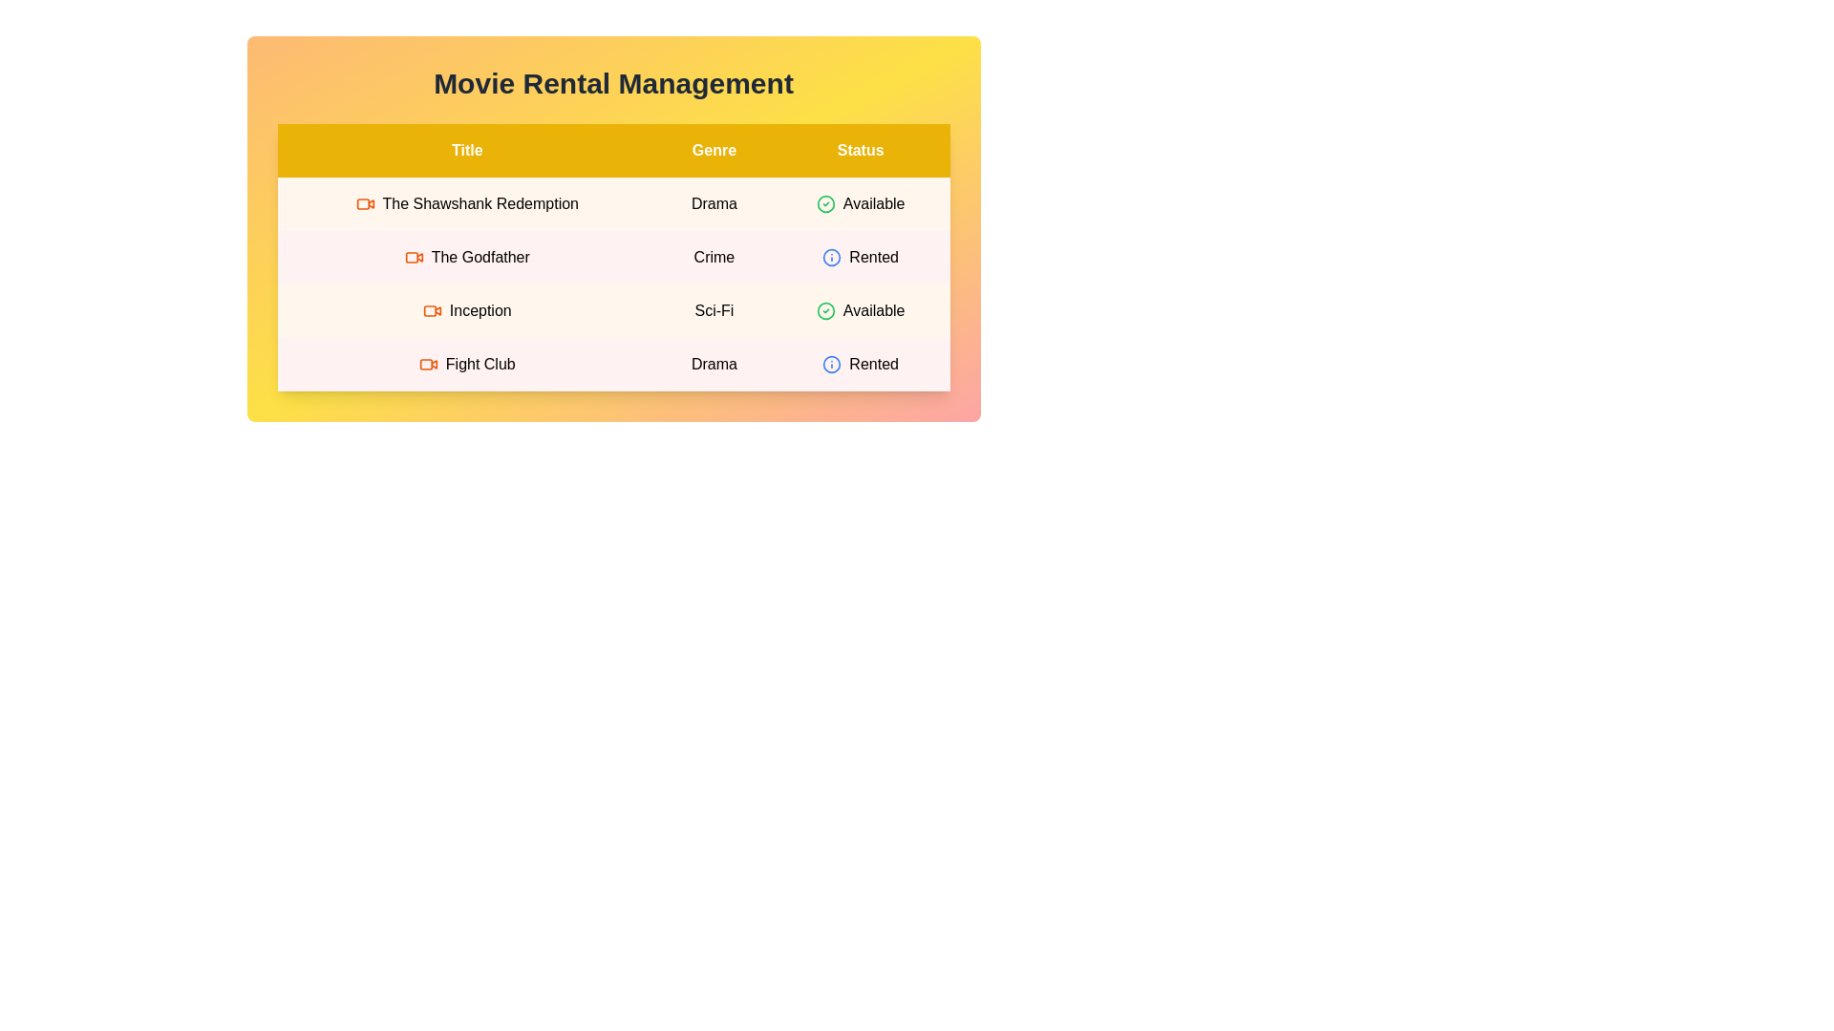  Describe the element at coordinates (613, 258) in the screenshot. I see `the row corresponding to movie The Godfather` at that location.